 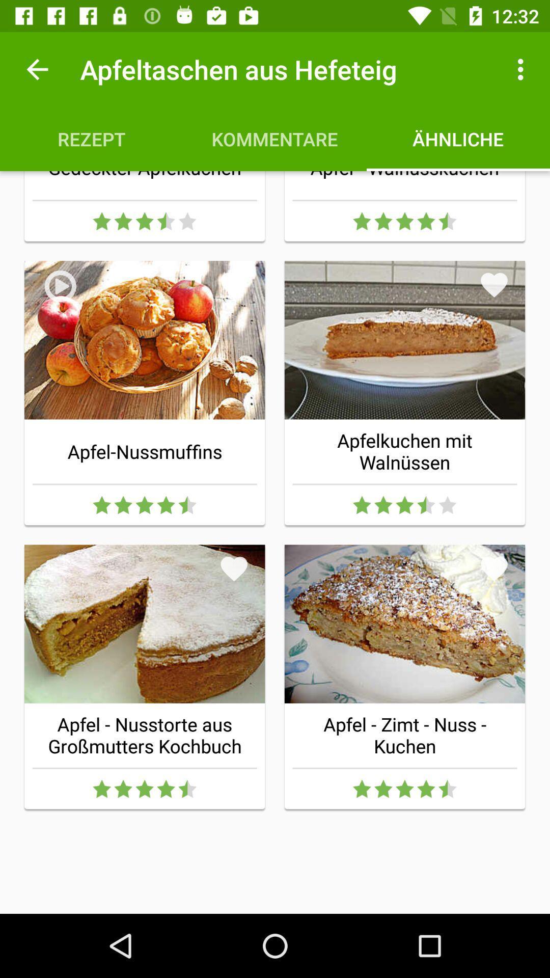 What do you see at coordinates (37, 69) in the screenshot?
I see `the icon to the left of apfeltaschen aus hefeteig icon` at bounding box center [37, 69].